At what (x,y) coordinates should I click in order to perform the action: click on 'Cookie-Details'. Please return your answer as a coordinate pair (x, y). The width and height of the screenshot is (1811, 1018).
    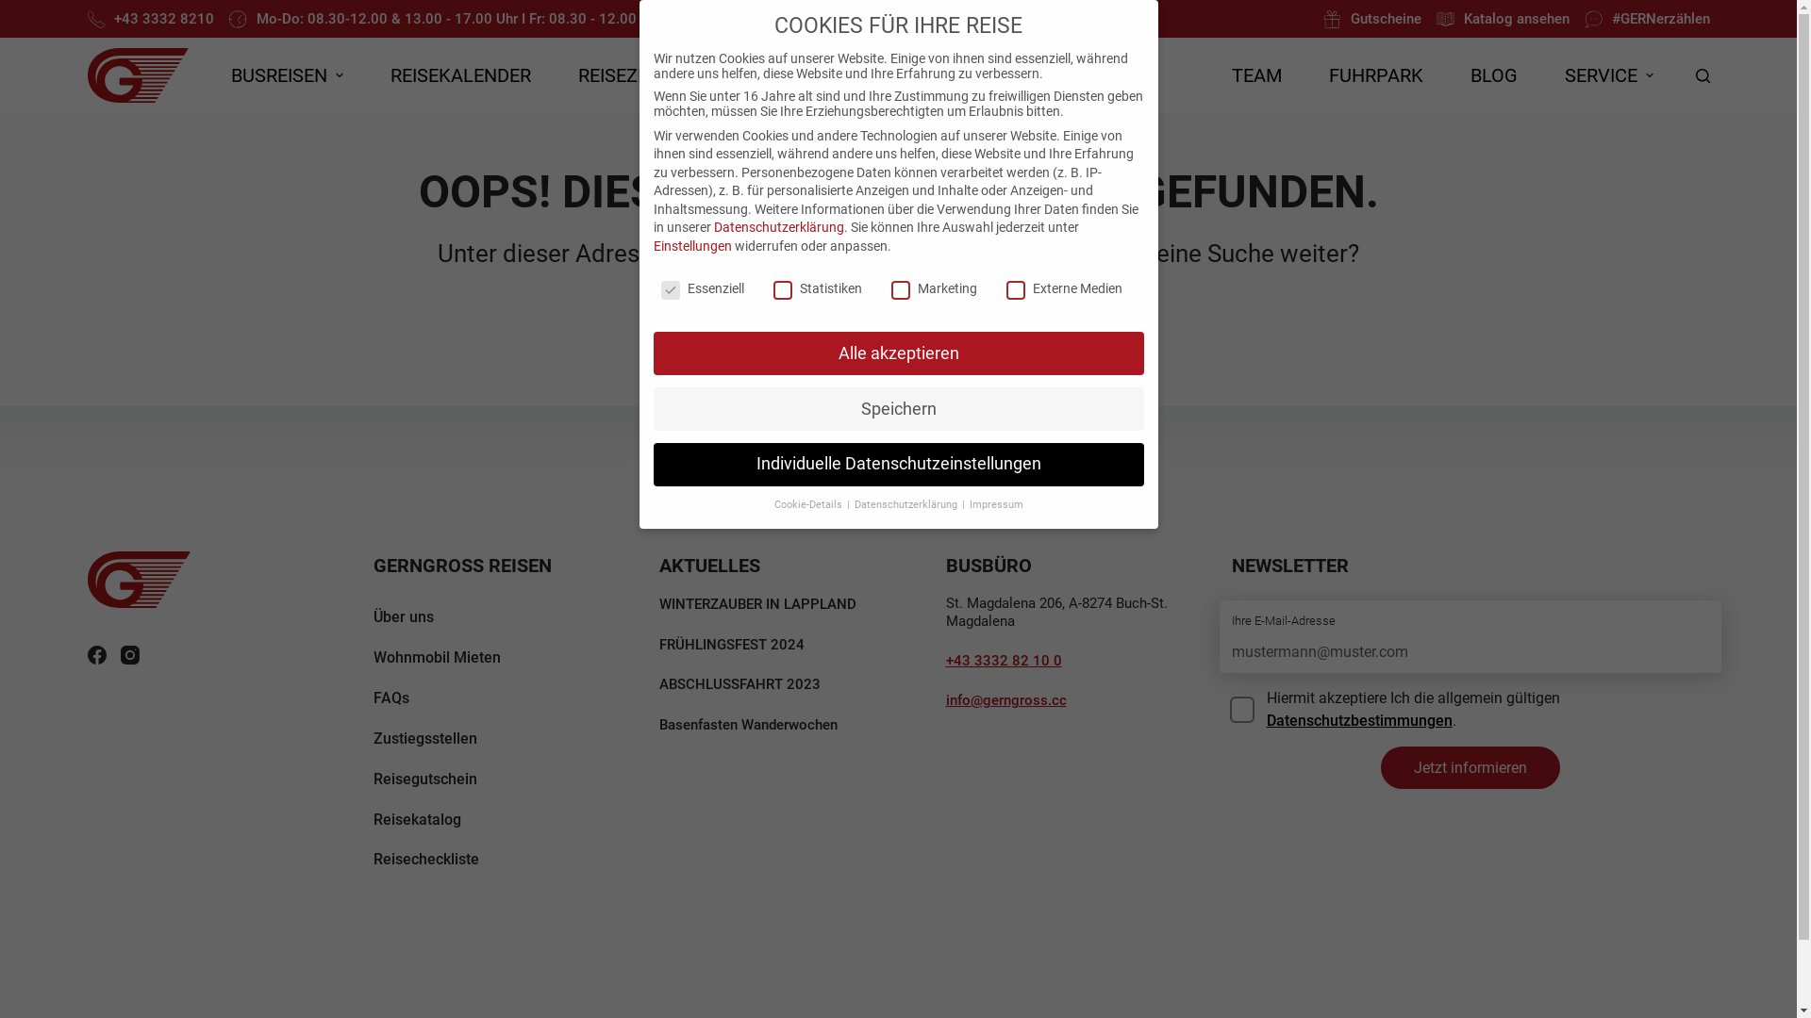
    Looking at the image, I should click on (808, 503).